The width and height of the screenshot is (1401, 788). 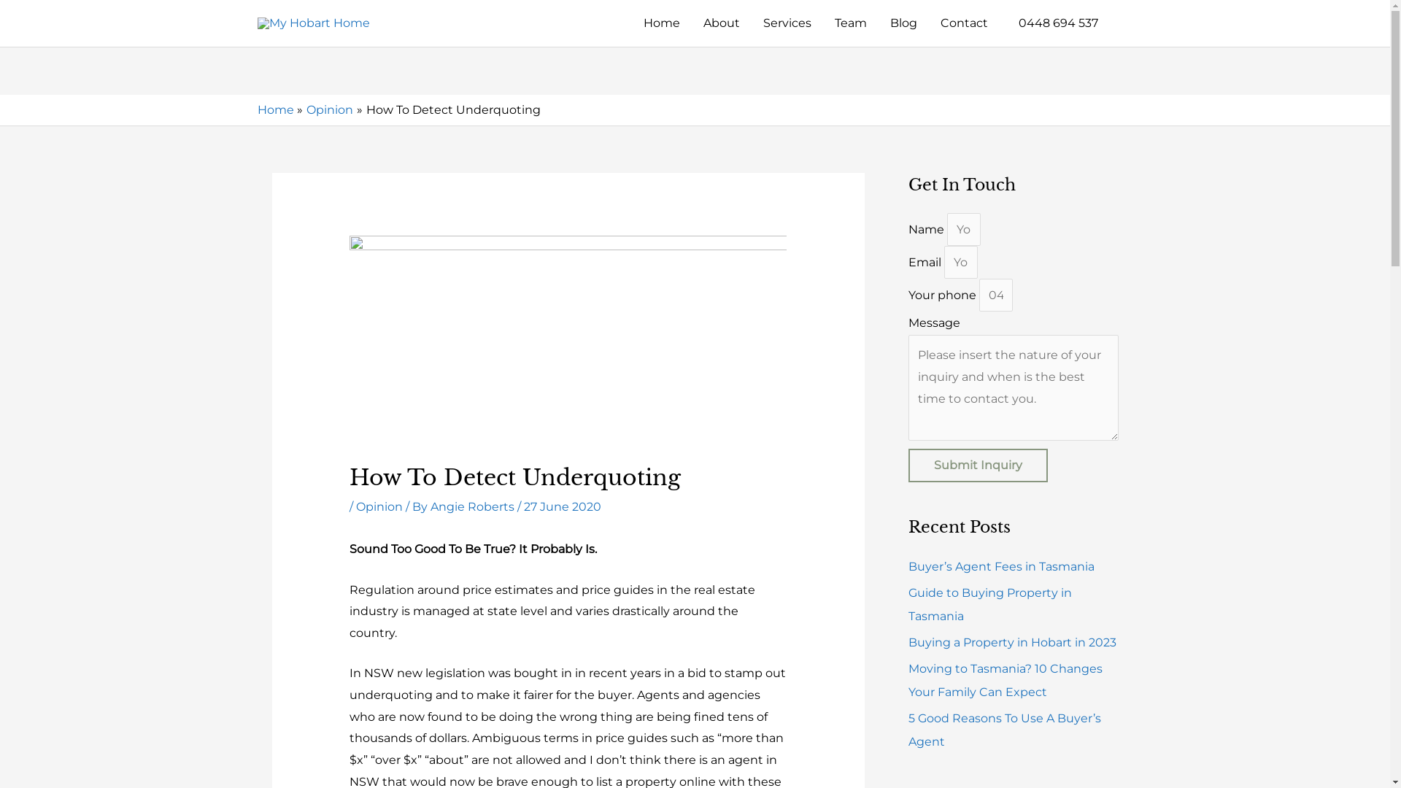 I want to click on '0448 694 537', so click(x=1054, y=23).